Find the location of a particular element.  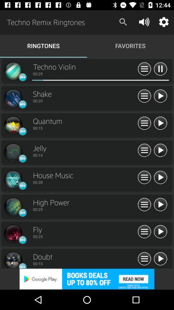

song is located at coordinates (160, 259).